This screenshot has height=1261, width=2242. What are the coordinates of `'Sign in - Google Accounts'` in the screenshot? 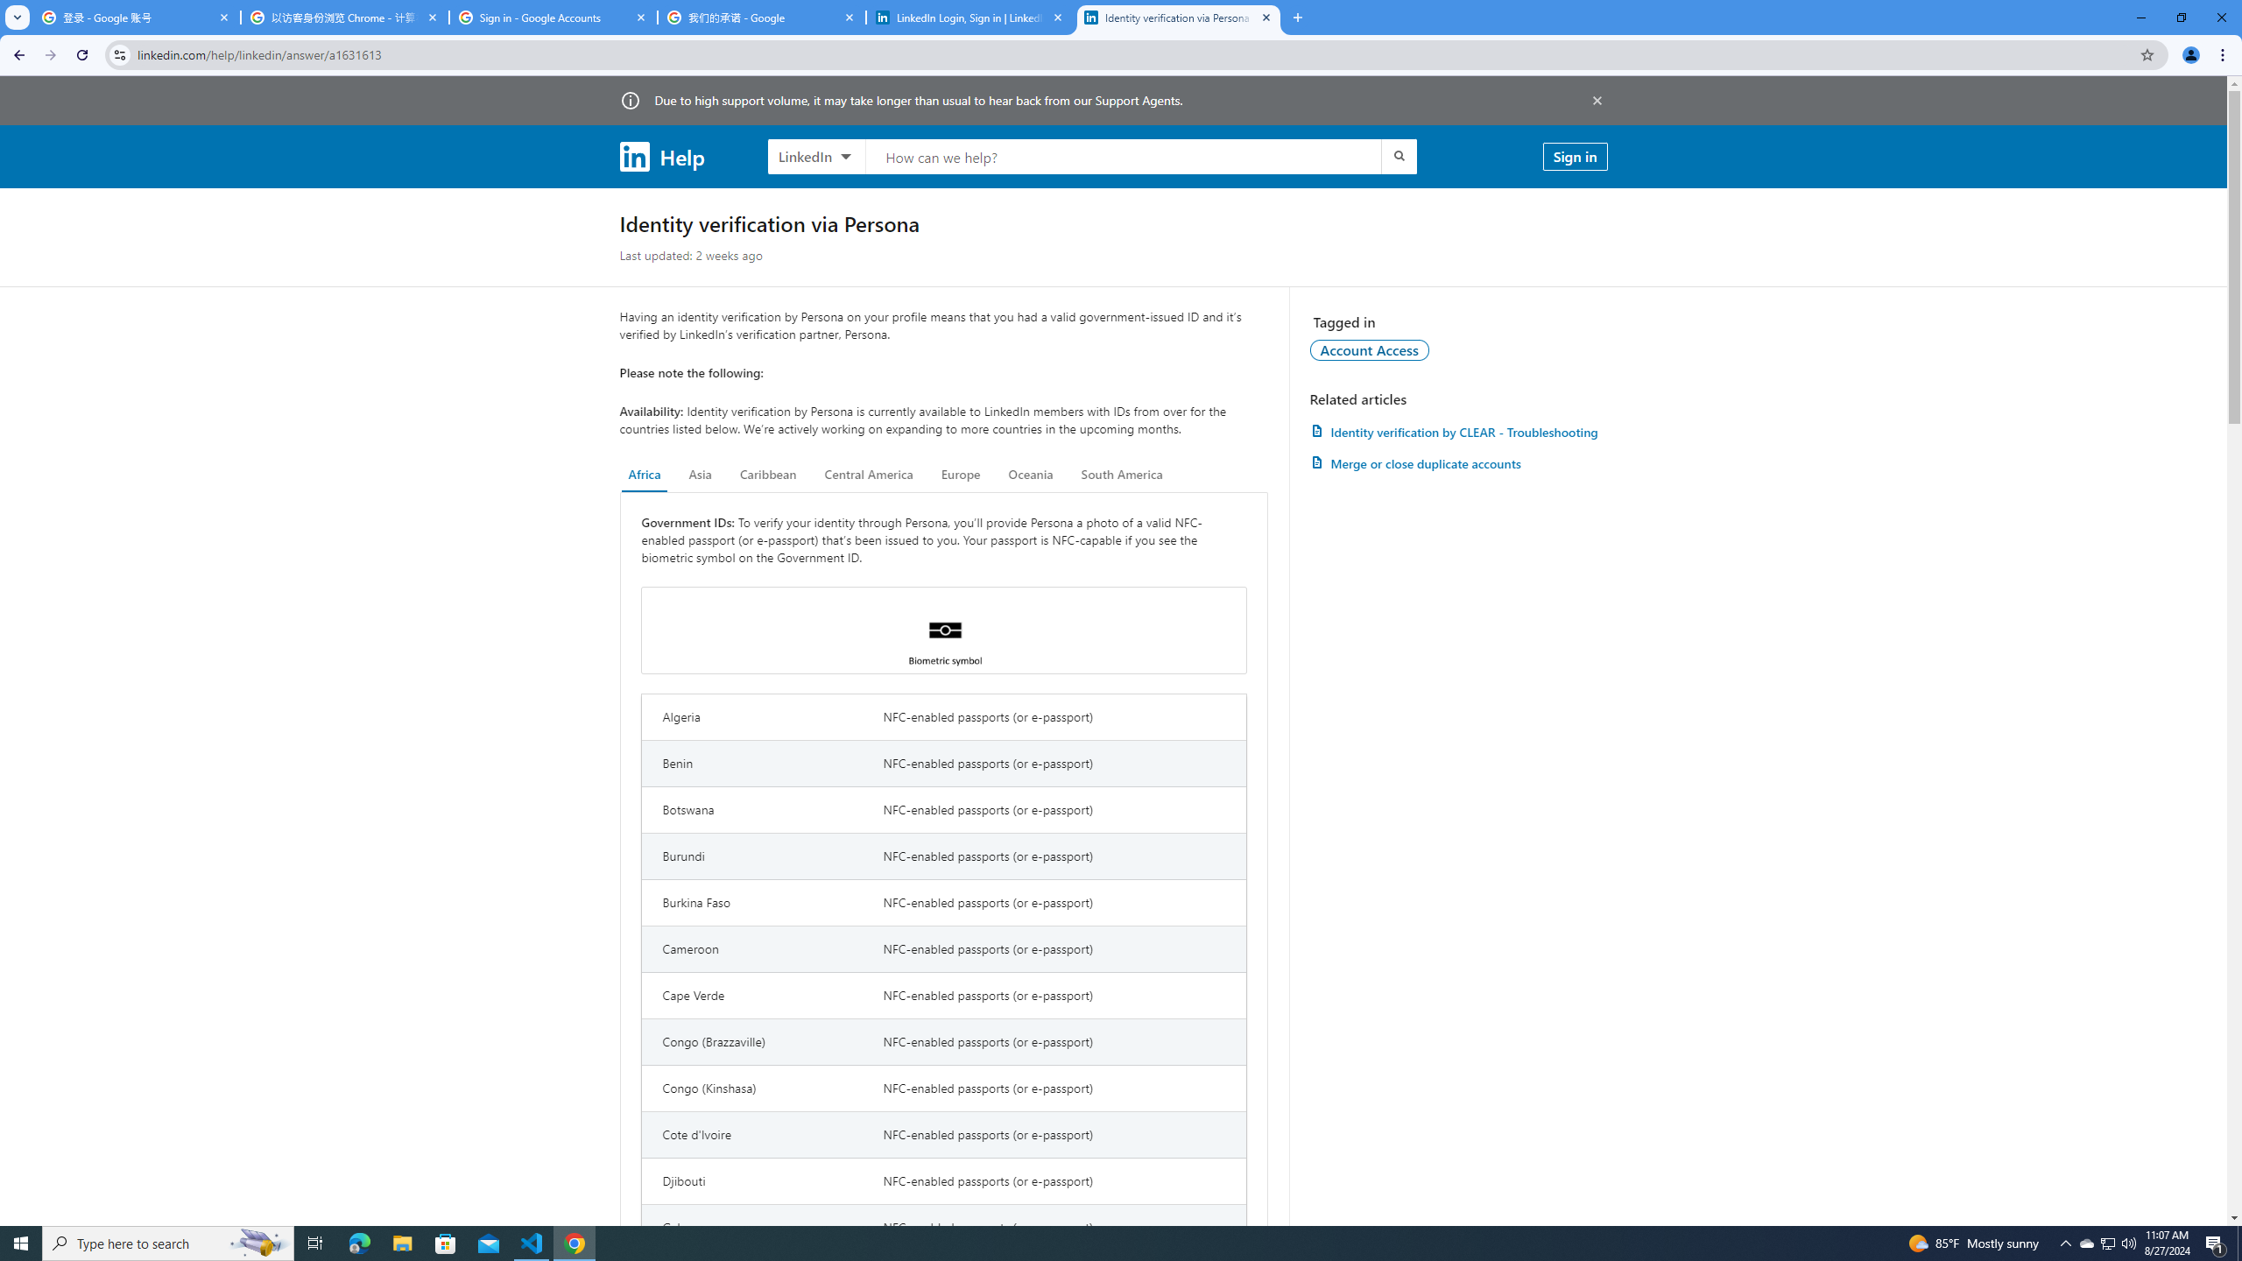 It's located at (553, 17).